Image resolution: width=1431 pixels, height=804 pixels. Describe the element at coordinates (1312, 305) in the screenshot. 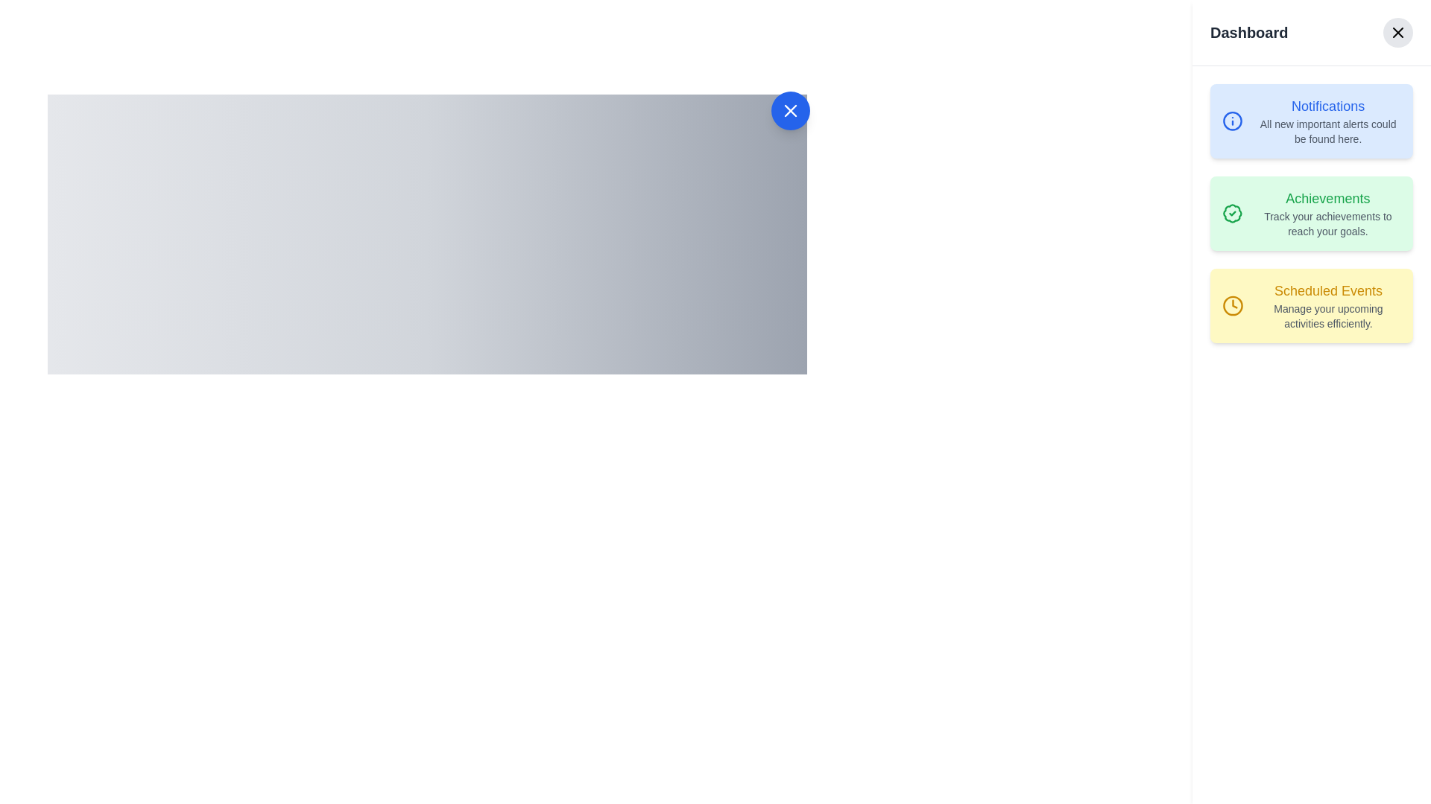

I see `the informational card that provides details about managing scheduled events, located as the third card in a vertical list on the right side of the interface` at that location.